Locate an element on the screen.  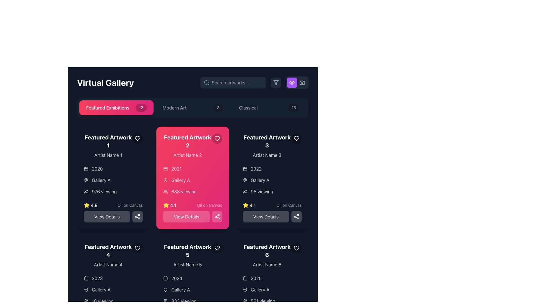
the 'Modern Art' text label in the navigation bar, which is located between 'Featured Exhibitions' and another numerical label is located at coordinates (174, 108).